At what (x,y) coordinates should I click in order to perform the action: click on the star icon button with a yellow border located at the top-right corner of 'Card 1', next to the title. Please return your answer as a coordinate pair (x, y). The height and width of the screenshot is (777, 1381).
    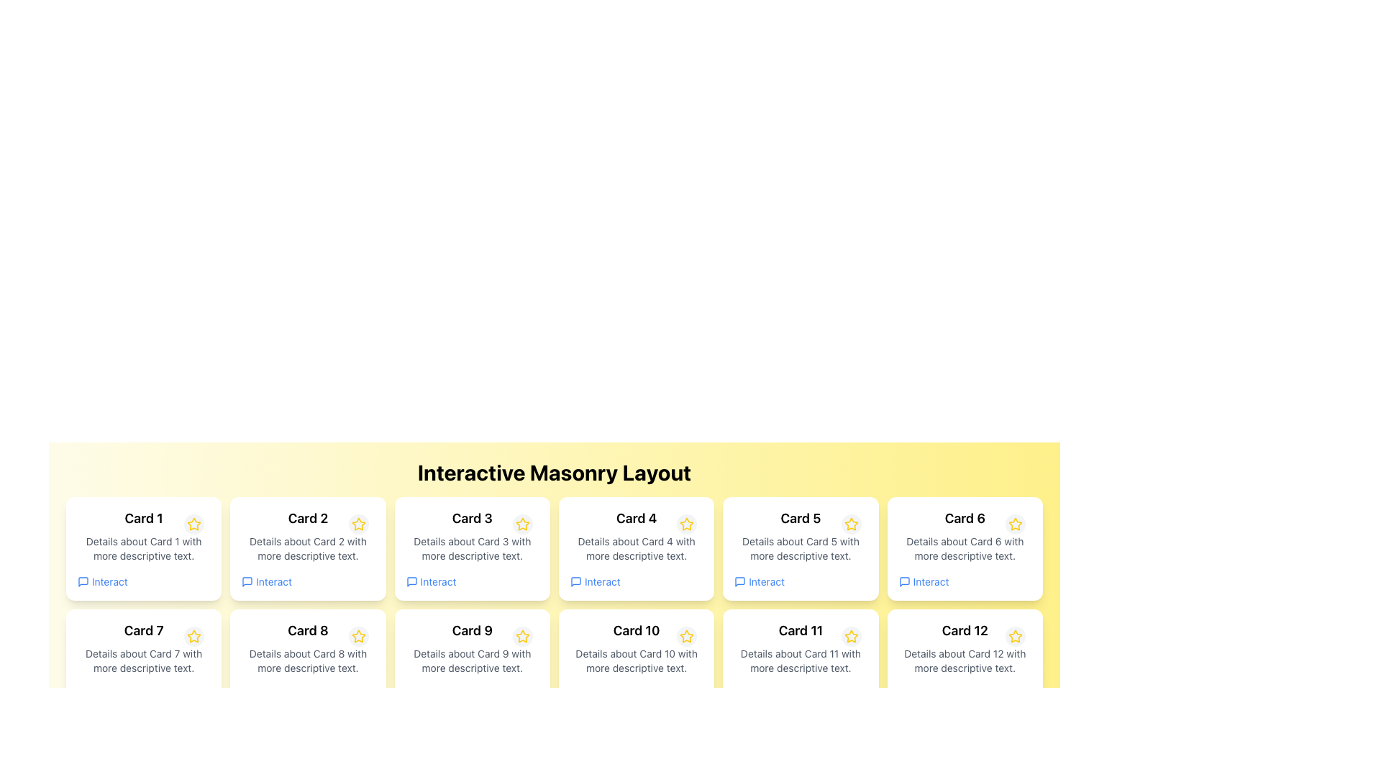
    Looking at the image, I should click on (193, 524).